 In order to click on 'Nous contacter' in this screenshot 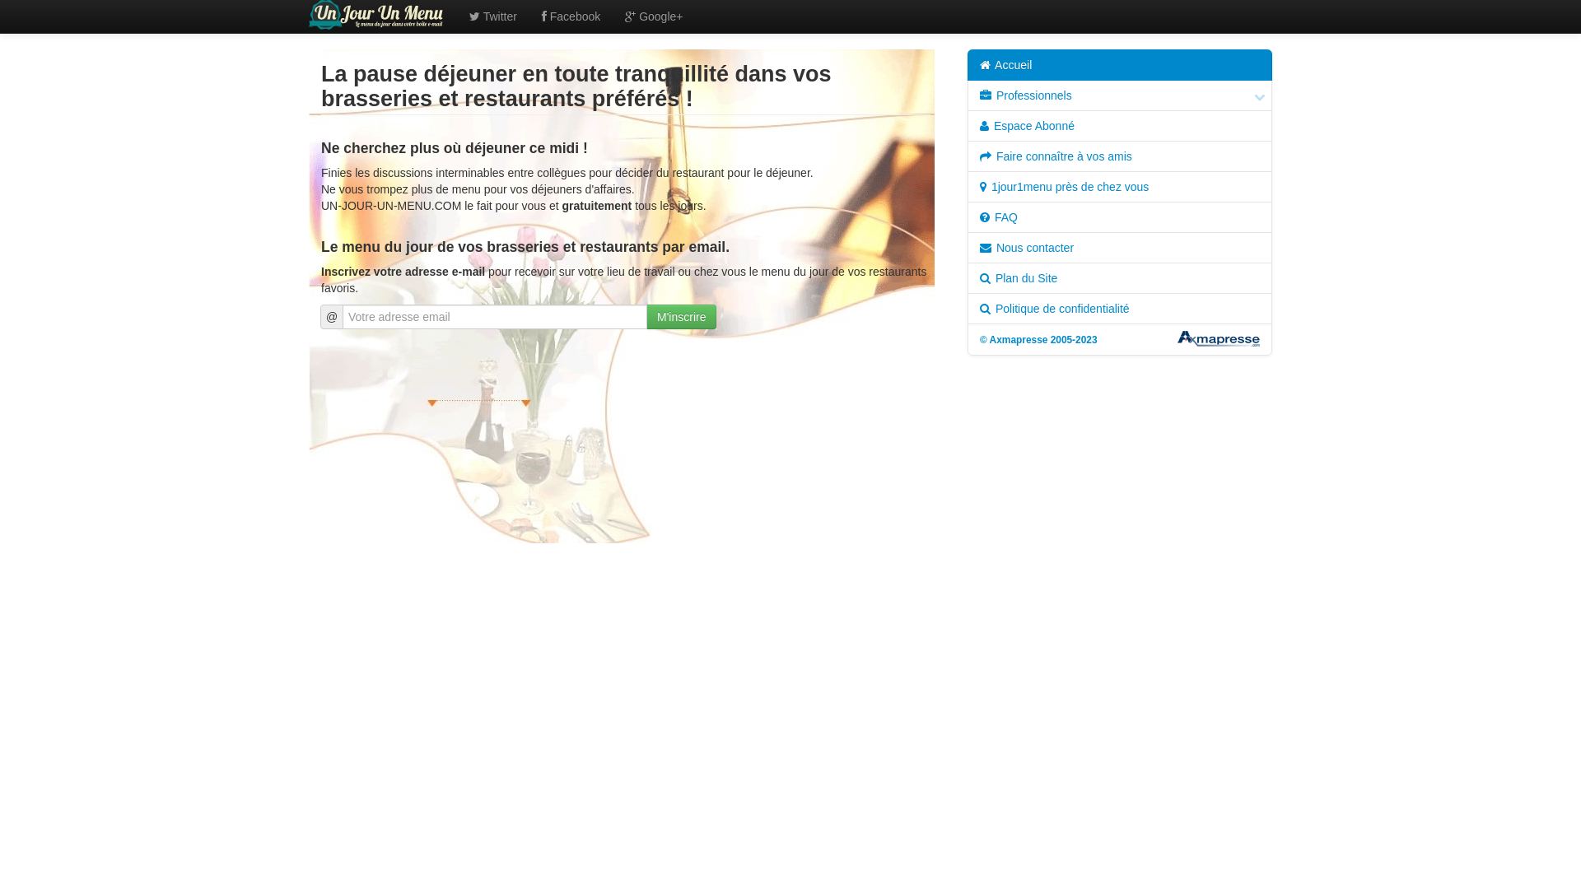, I will do `click(1119, 247)`.